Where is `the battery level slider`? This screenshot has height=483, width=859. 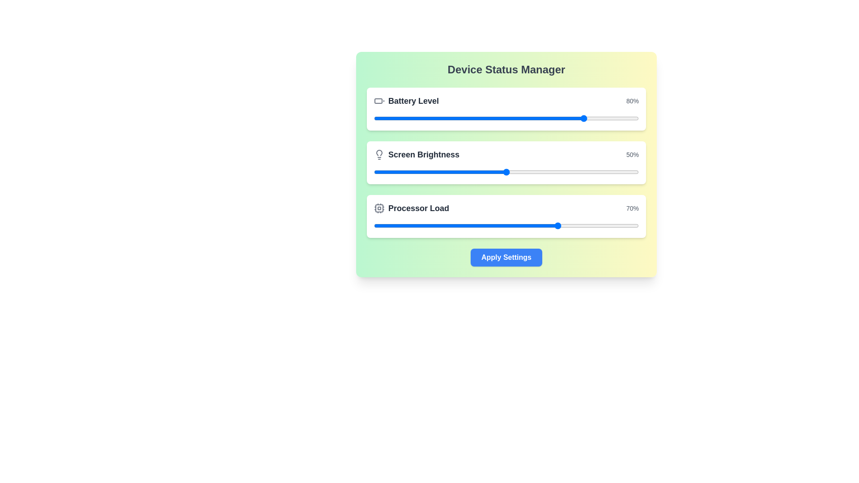
the battery level slider is located at coordinates (548, 118).